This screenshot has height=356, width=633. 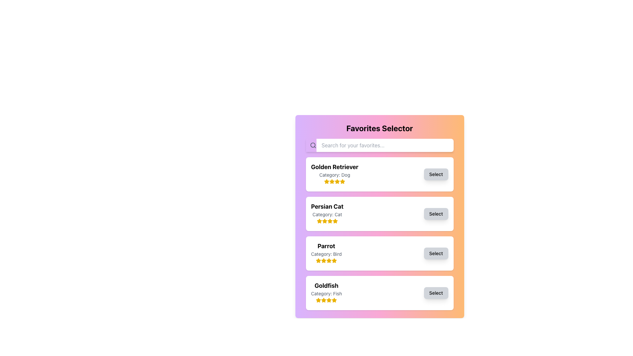 I want to click on the static text label 'Category: Cat' which is located below the title 'Persian Cat' and above the star rating section, so click(x=327, y=215).